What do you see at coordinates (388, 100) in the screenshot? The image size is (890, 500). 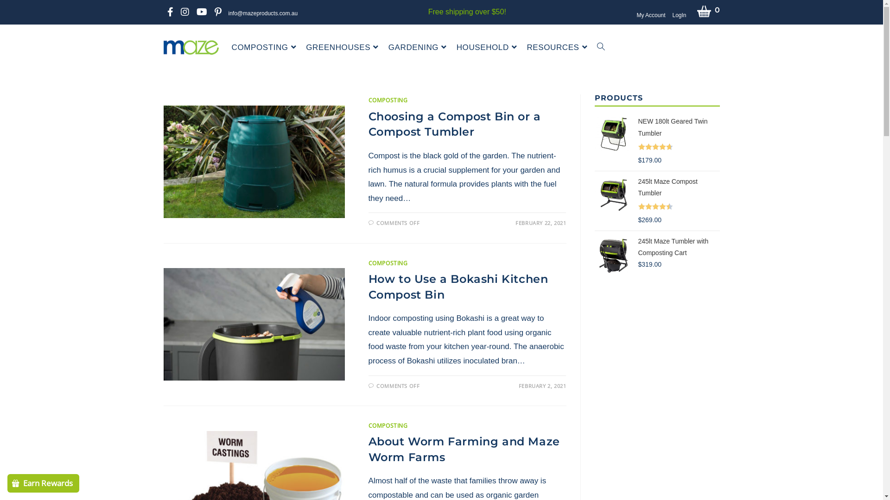 I see `'COMPOSTING'` at bounding box center [388, 100].